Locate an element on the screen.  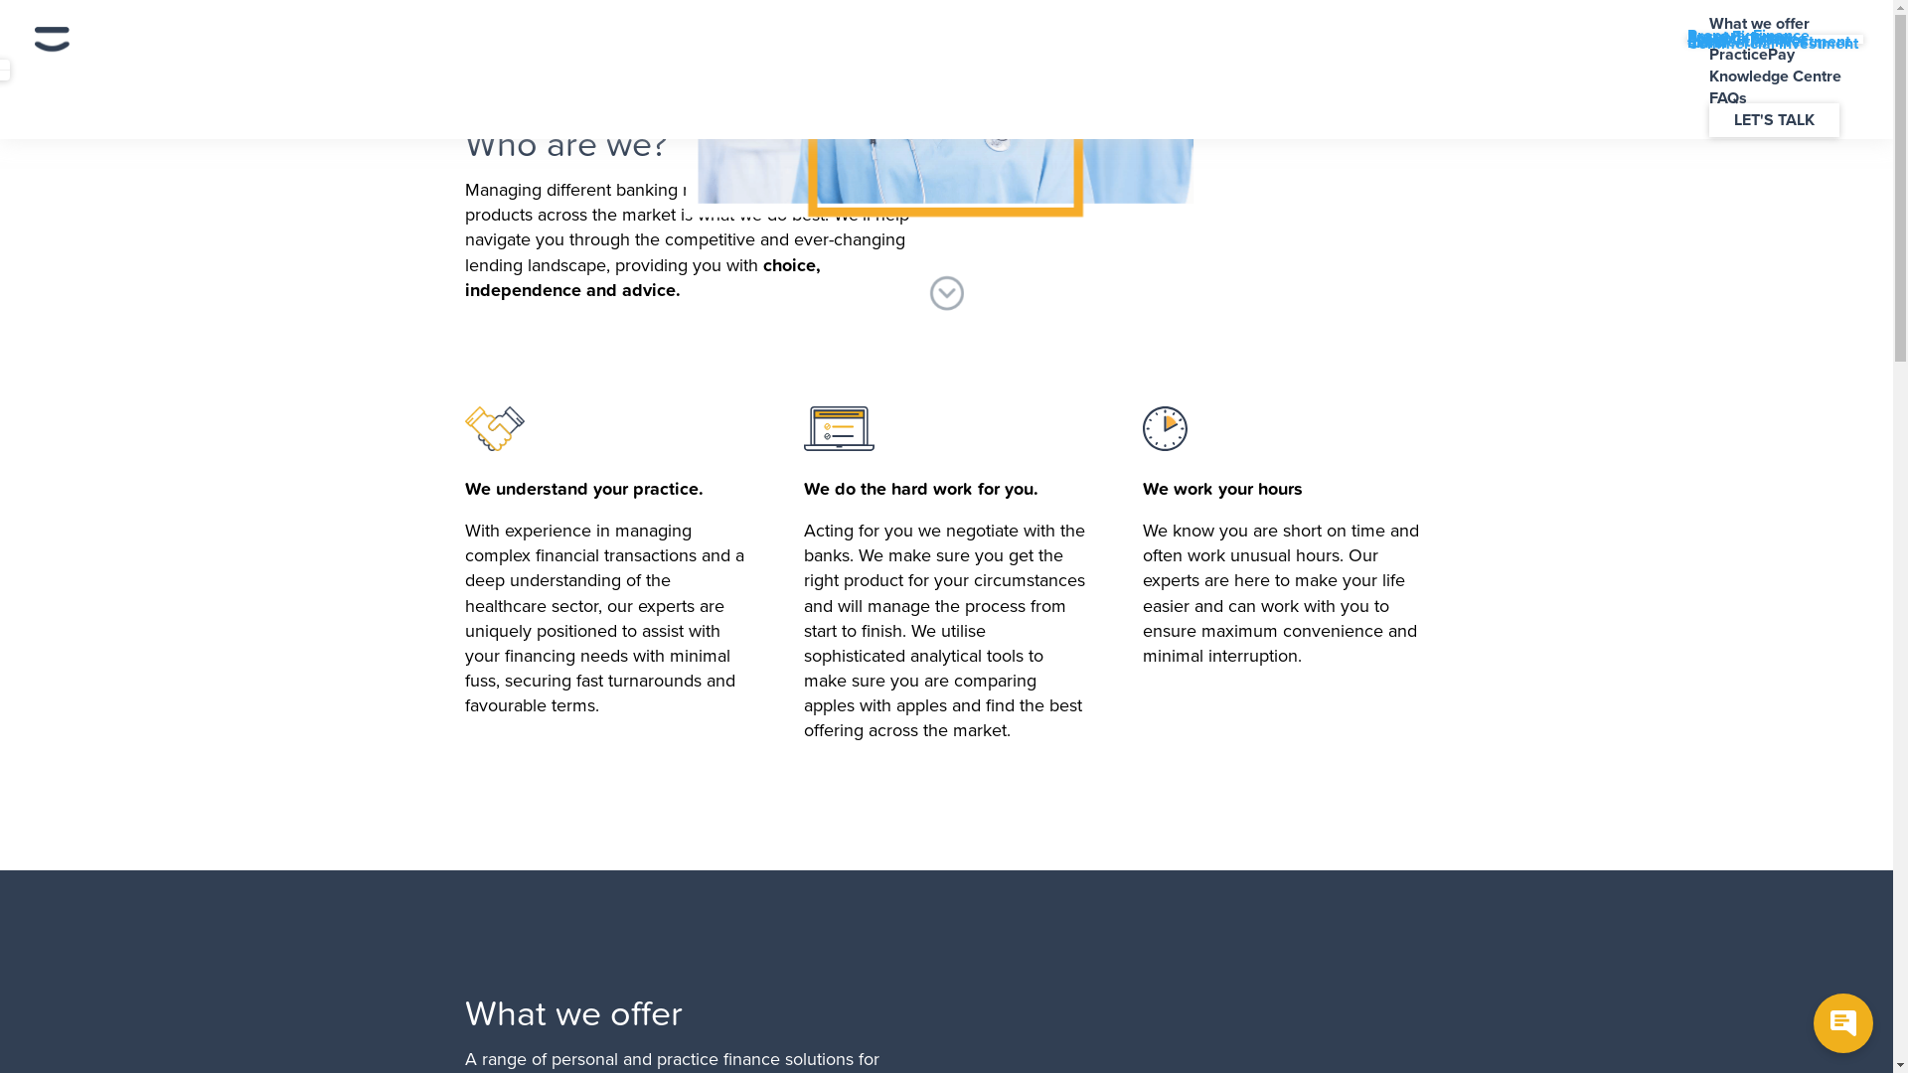
'For your home' is located at coordinates (1738, 38).